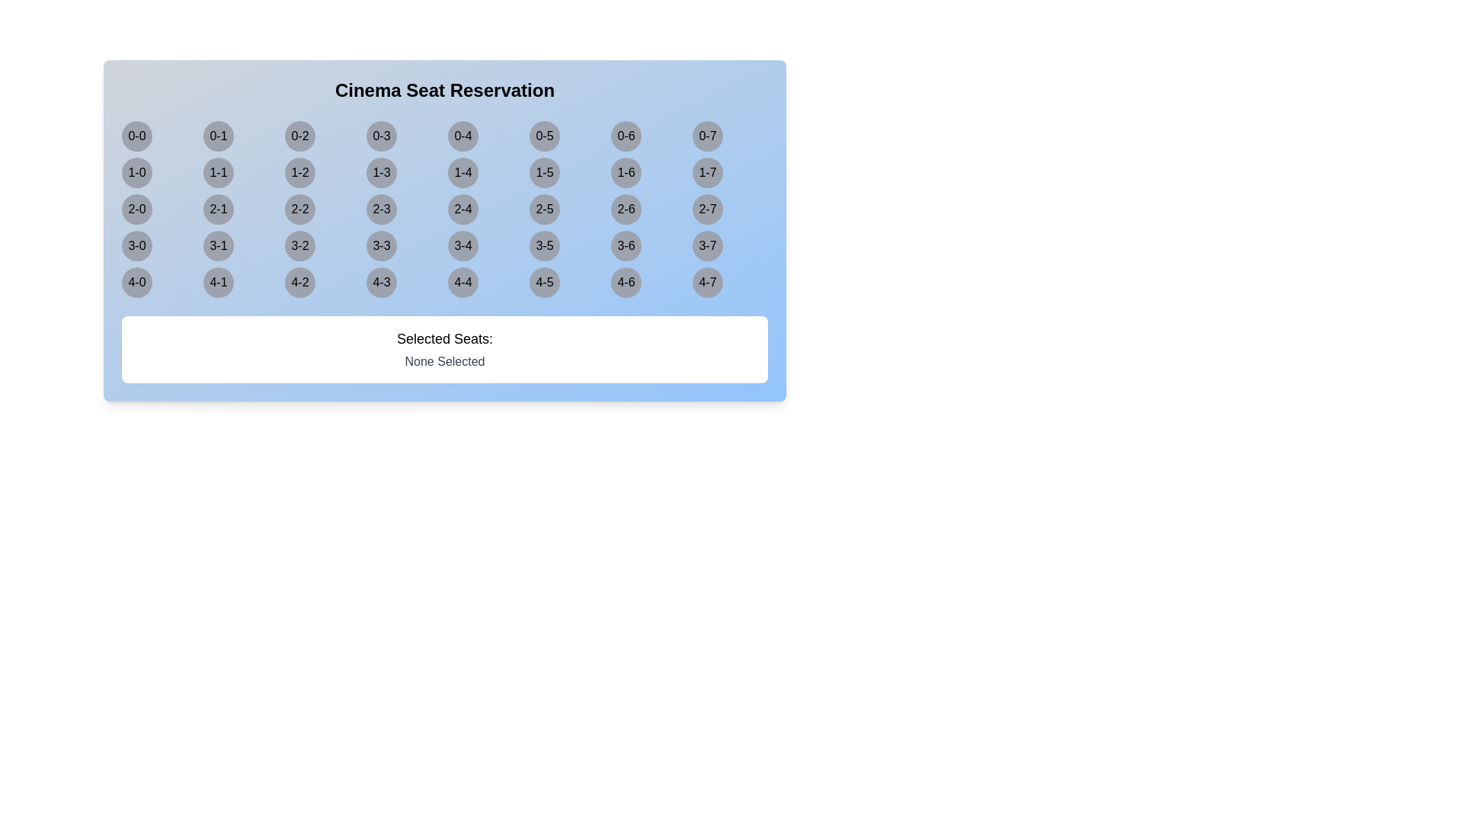  Describe the element at coordinates (299, 245) in the screenshot. I see `the circular button labeled '3-2' with a gray background located` at that location.